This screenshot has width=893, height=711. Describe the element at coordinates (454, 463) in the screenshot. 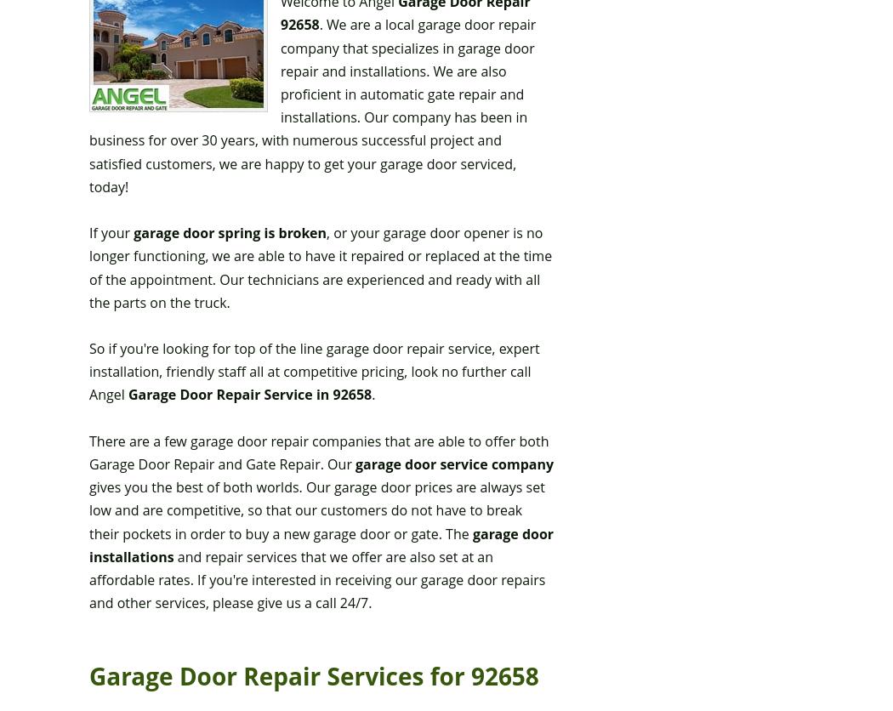

I see `'garage door service company'` at that location.